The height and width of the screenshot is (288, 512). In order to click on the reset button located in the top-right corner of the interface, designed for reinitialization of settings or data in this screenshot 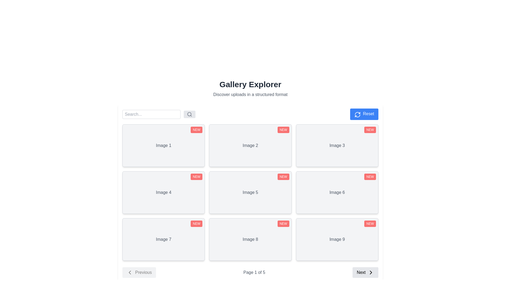, I will do `click(364, 114)`.